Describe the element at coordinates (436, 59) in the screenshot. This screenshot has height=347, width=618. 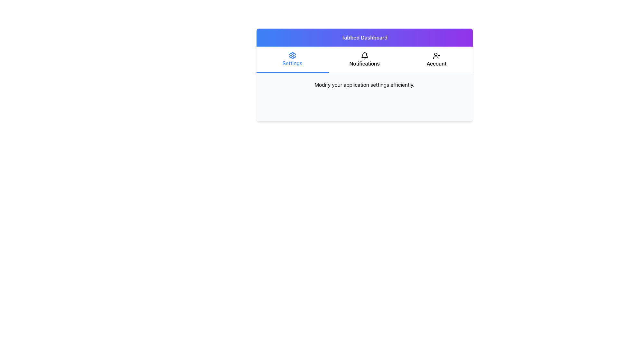
I see `the tab button in the navigation bar that switches content to account settings or information, positioned as the third tab from the left, adjacent to 'Notifications'` at that location.